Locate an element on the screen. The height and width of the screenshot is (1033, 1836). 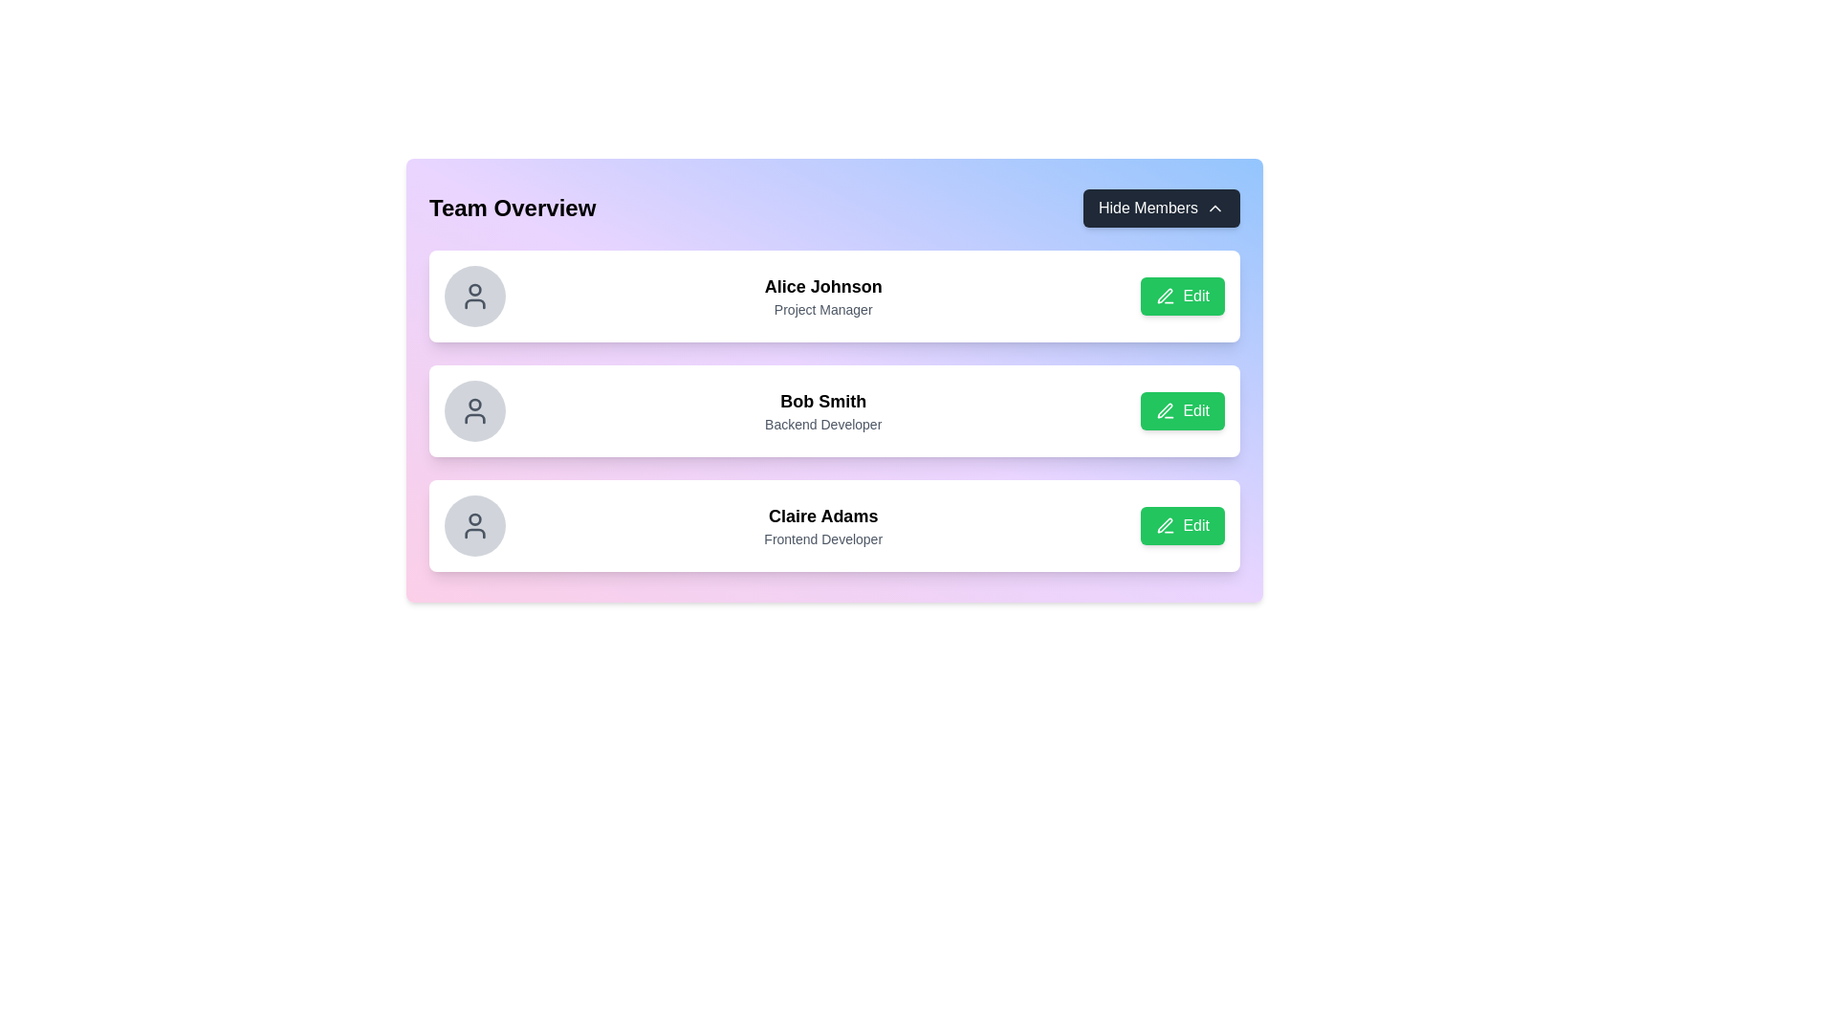
the team member card which is the second item in the list, displaying their details and an edit button is located at coordinates (835, 380).